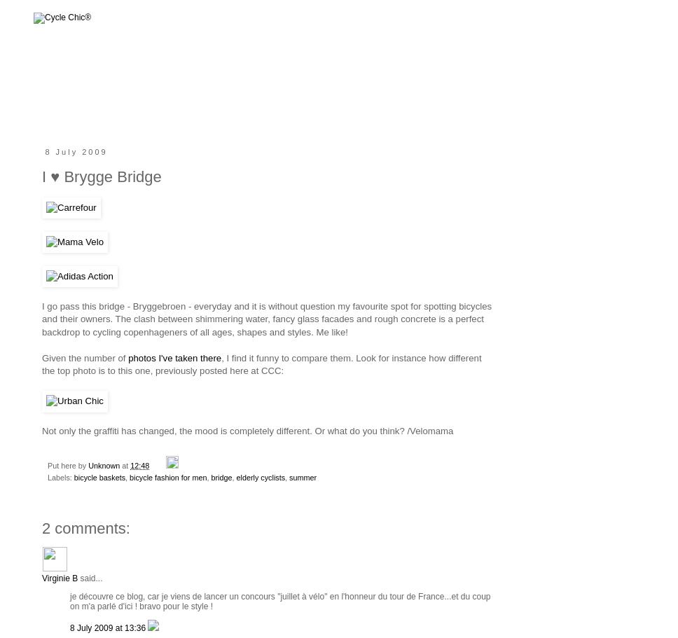 This screenshot has width=678, height=638. Describe the element at coordinates (88, 465) in the screenshot. I see `'Unknown'` at that location.